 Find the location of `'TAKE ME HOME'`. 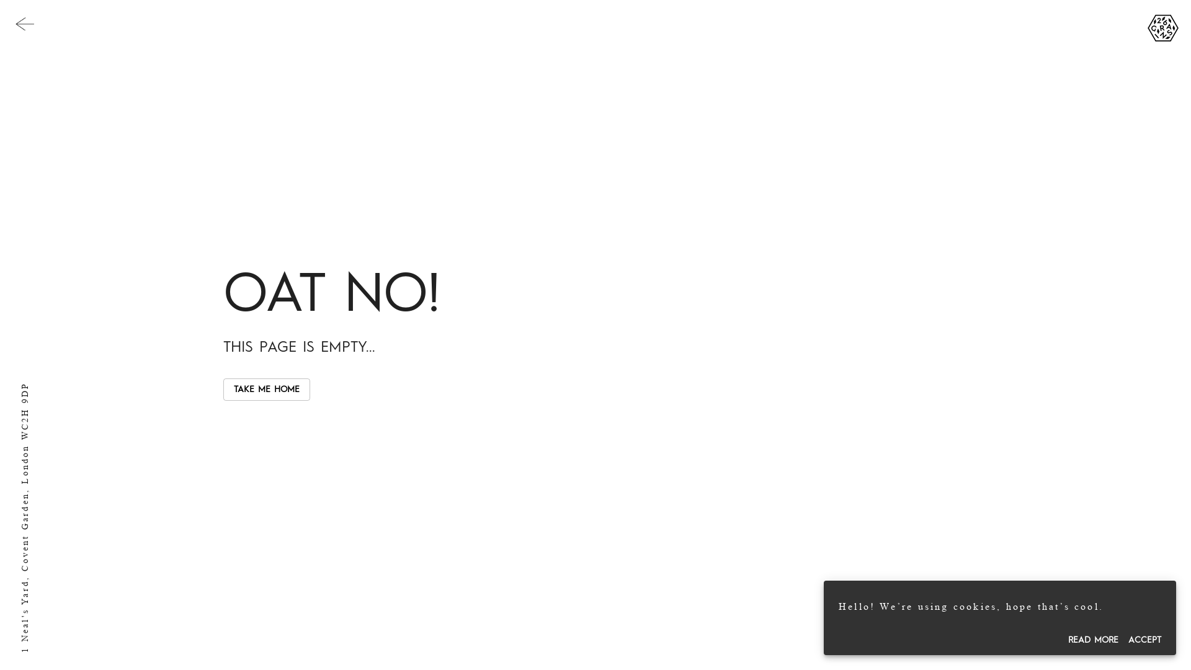

'TAKE ME HOME' is located at coordinates (266, 389).